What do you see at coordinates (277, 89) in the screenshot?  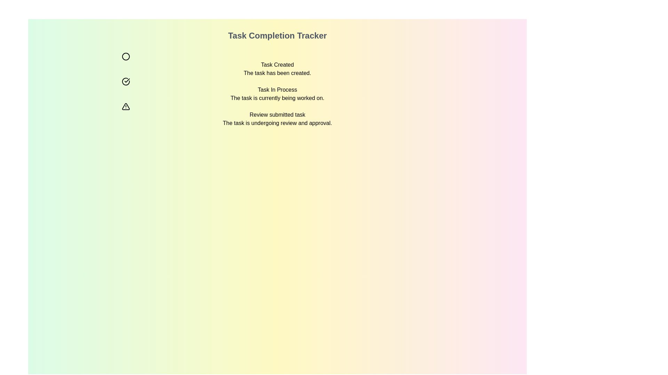 I see `the second task status in the 'Task Completion Tracker', which indicates that a specific task is currently in progress` at bounding box center [277, 89].